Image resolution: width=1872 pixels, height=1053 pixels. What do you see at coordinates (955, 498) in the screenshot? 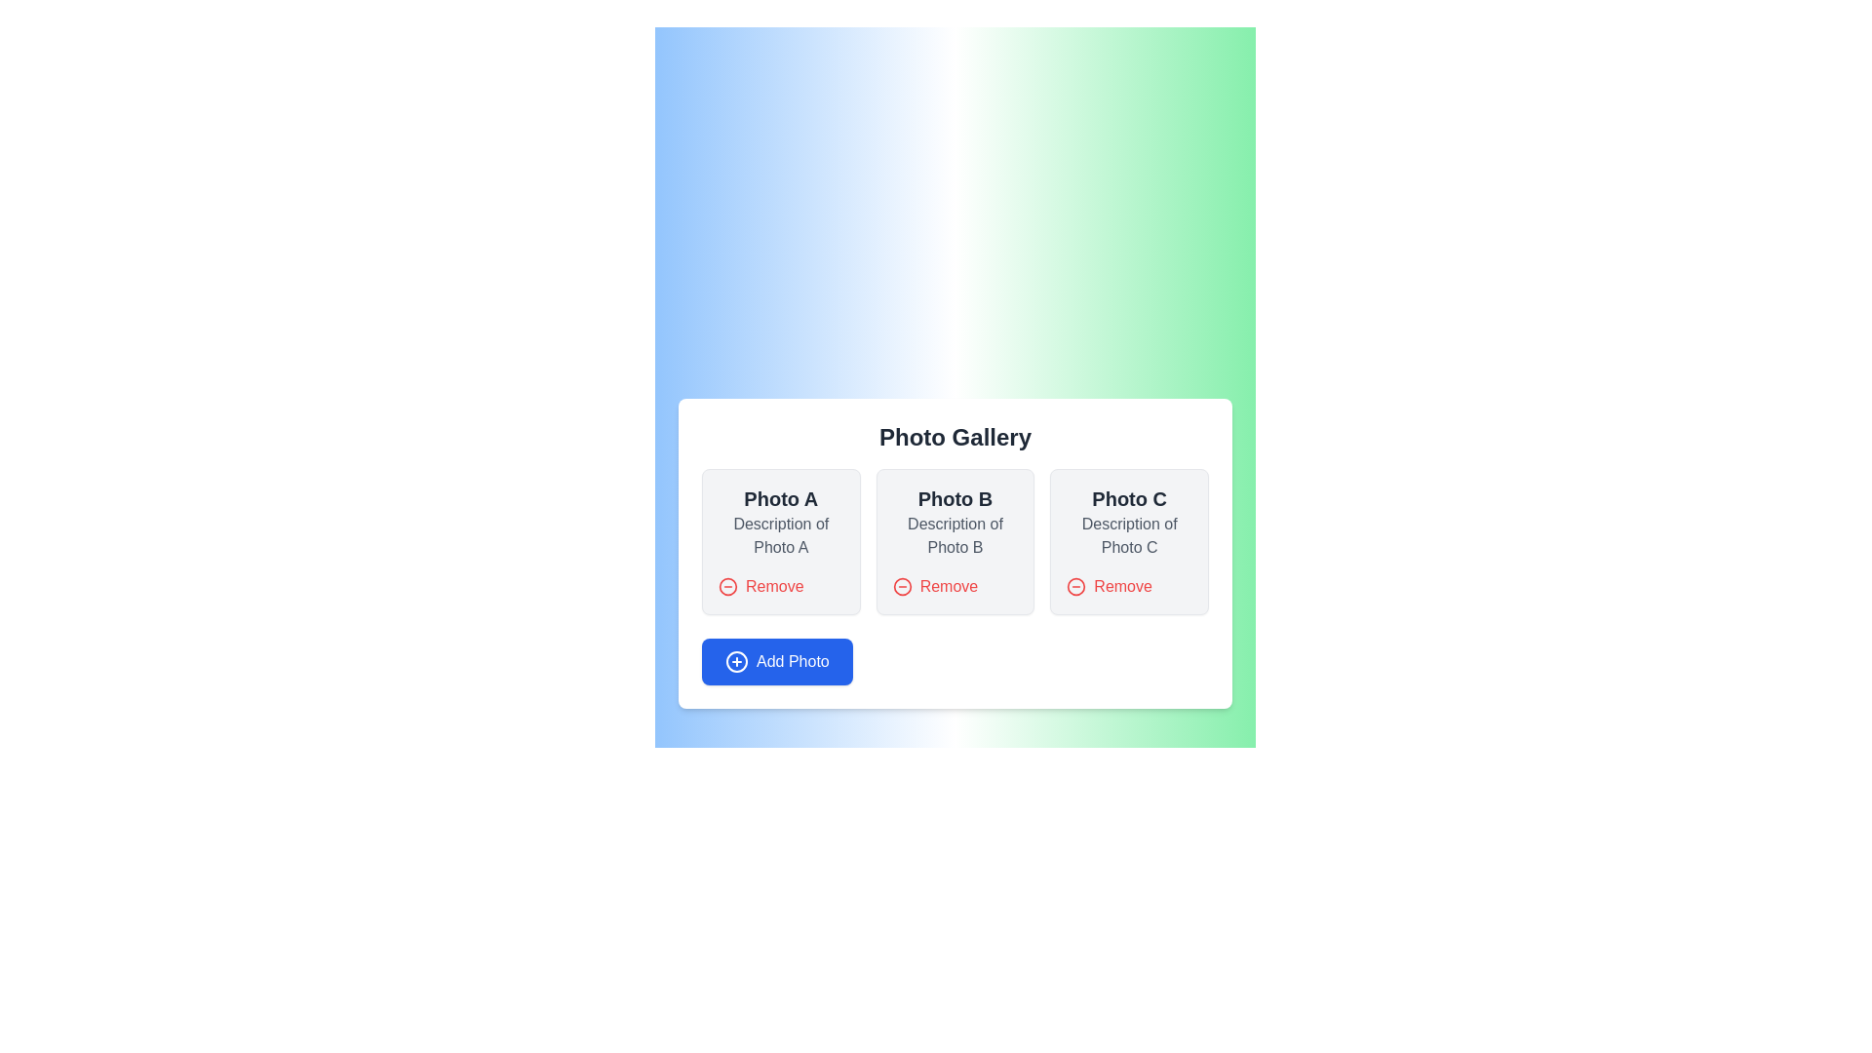
I see `the 'Photo B' text label located at the top of the middle card in the three-card layout` at bounding box center [955, 498].